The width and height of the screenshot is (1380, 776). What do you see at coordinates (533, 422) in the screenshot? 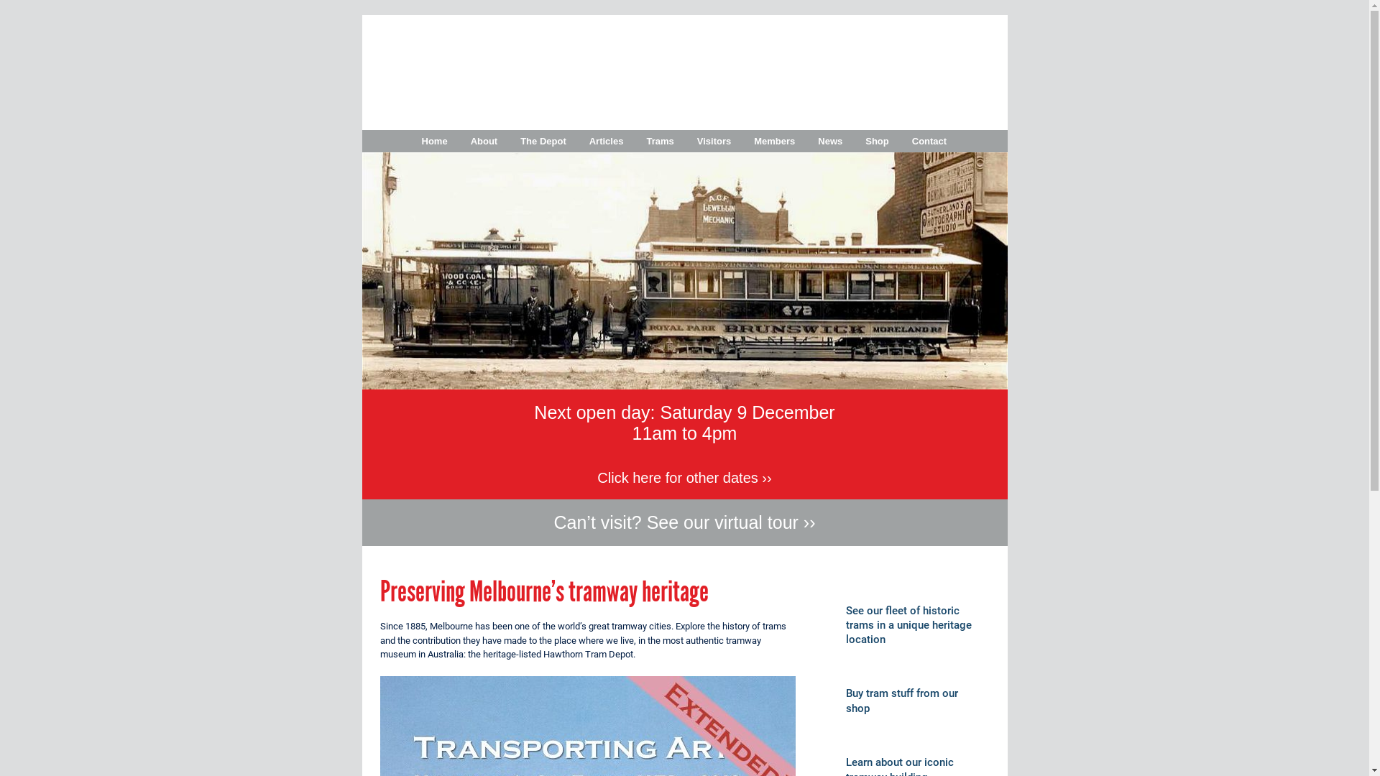
I see `'Next open day: Saturday 9 December` at bounding box center [533, 422].